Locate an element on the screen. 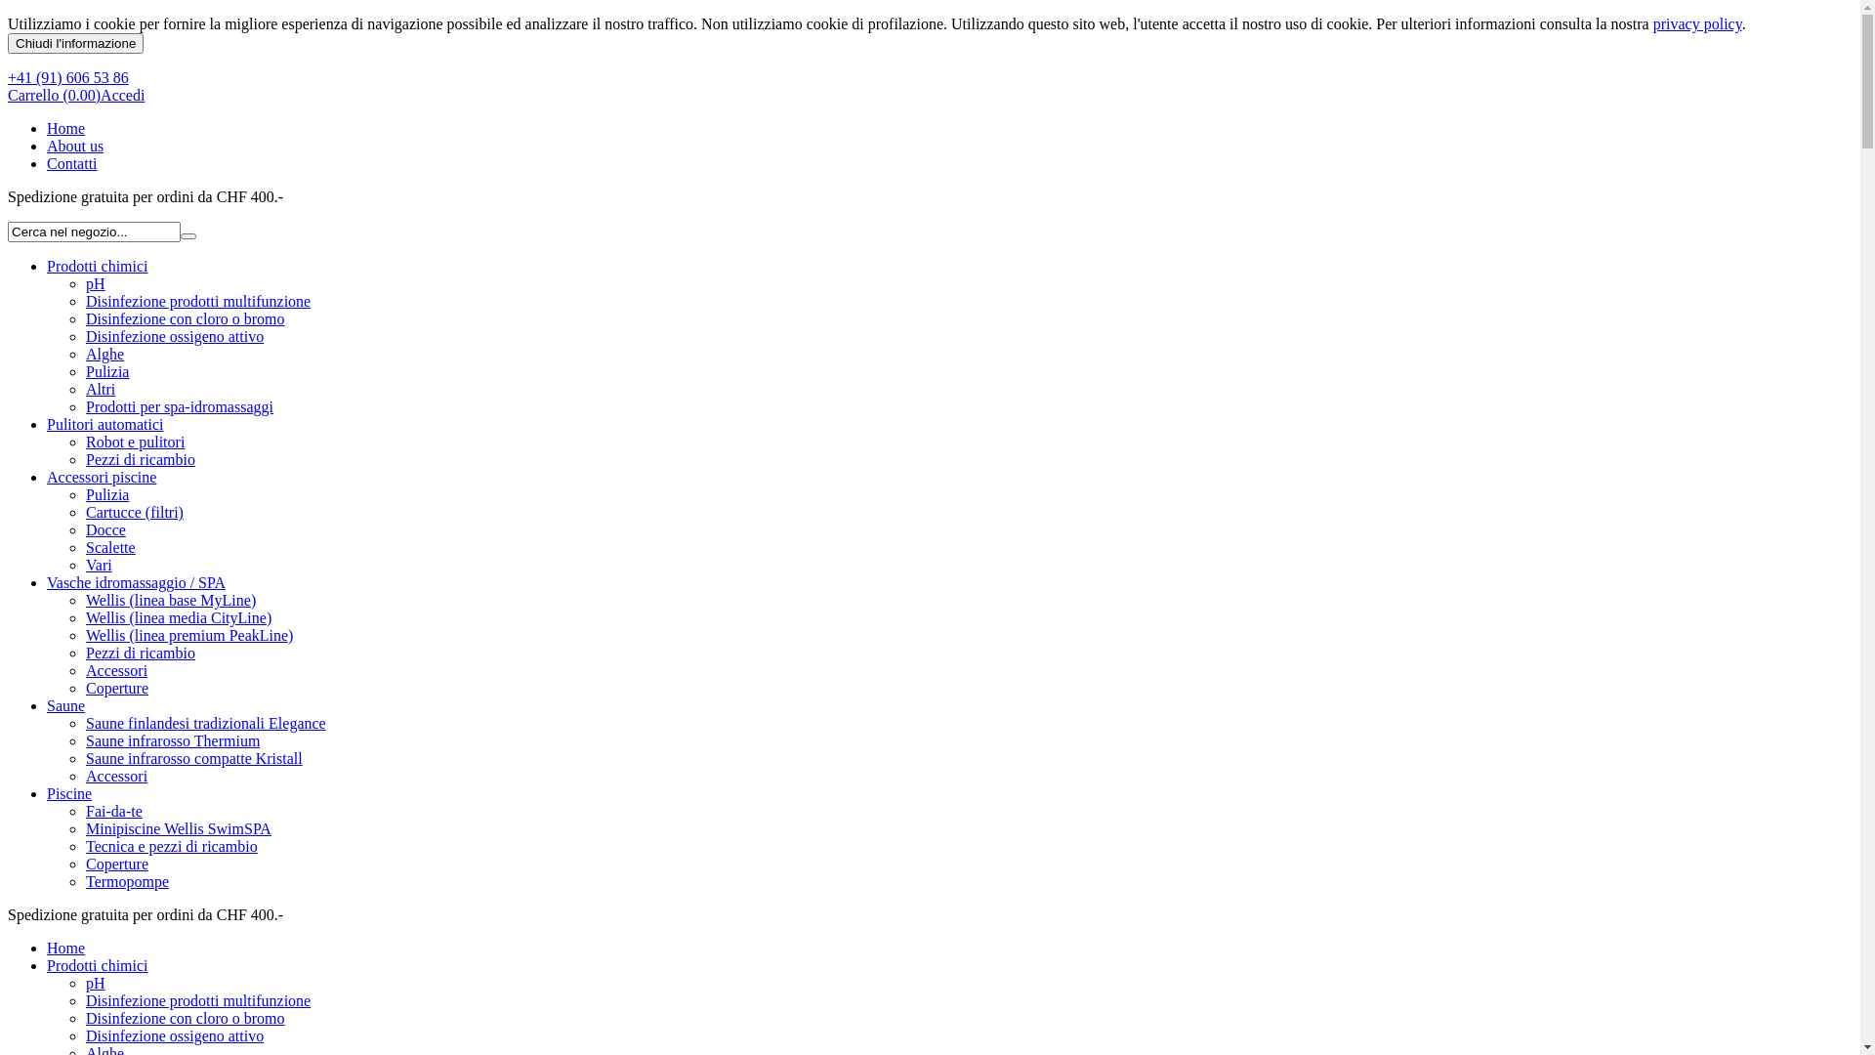 Image resolution: width=1875 pixels, height=1055 pixels. 'Saune infrarosso compatte Kristall' is located at coordinates (193, 757).